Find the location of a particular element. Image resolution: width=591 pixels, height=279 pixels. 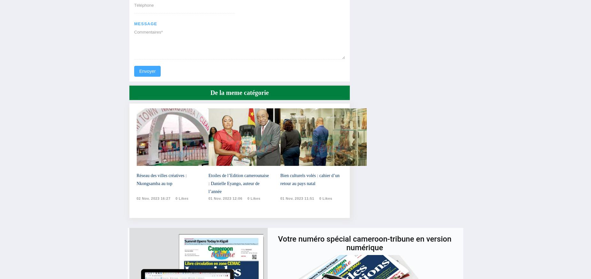

'De la meme catégorie' is located at coordinates (239, 92).